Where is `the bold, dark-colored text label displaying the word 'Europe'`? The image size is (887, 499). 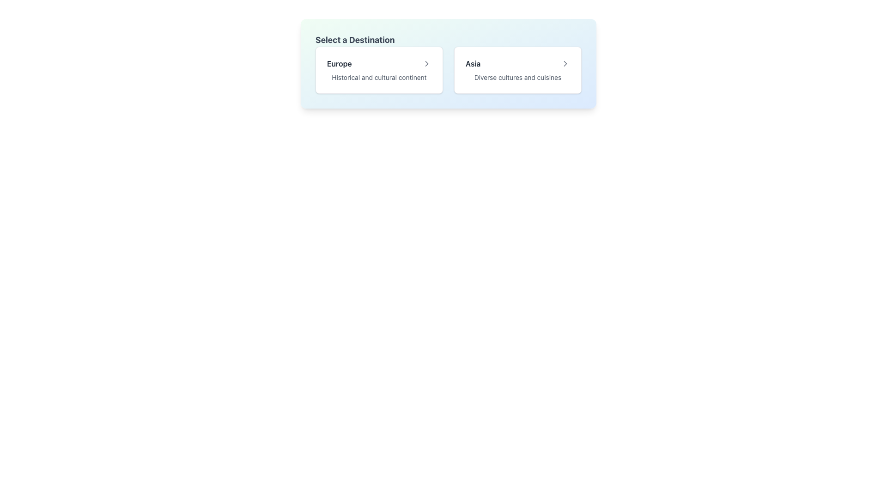 the bold, dark-colored text label displaying the word 'Europe' is located at coordinates (339, 63).